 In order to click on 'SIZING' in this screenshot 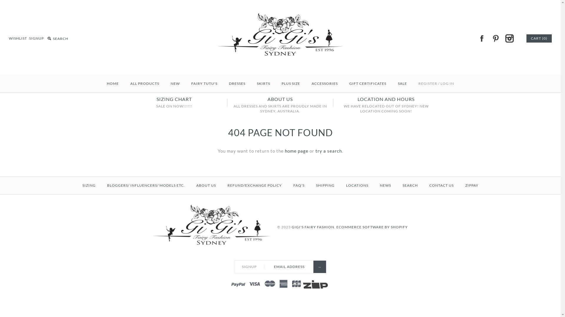, I will do `click(89, 186)`.